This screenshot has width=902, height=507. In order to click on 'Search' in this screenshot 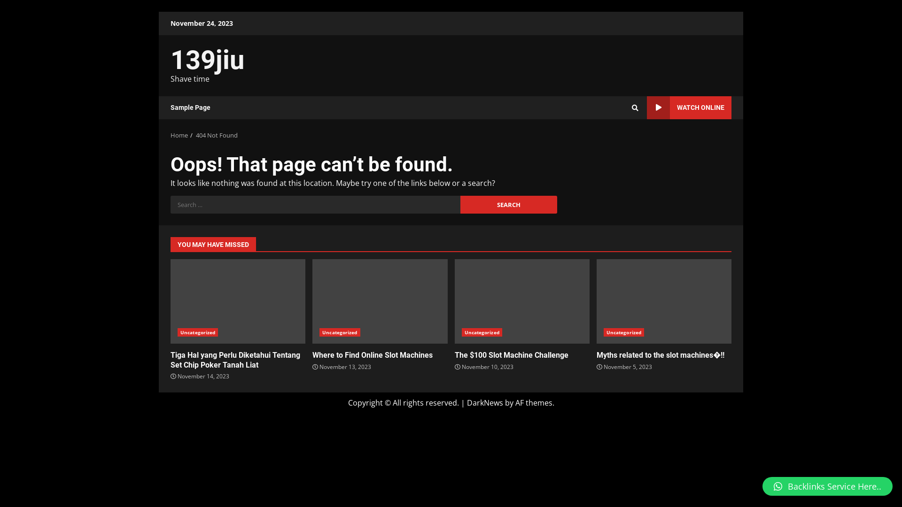, I will do `click(635, 107)`.